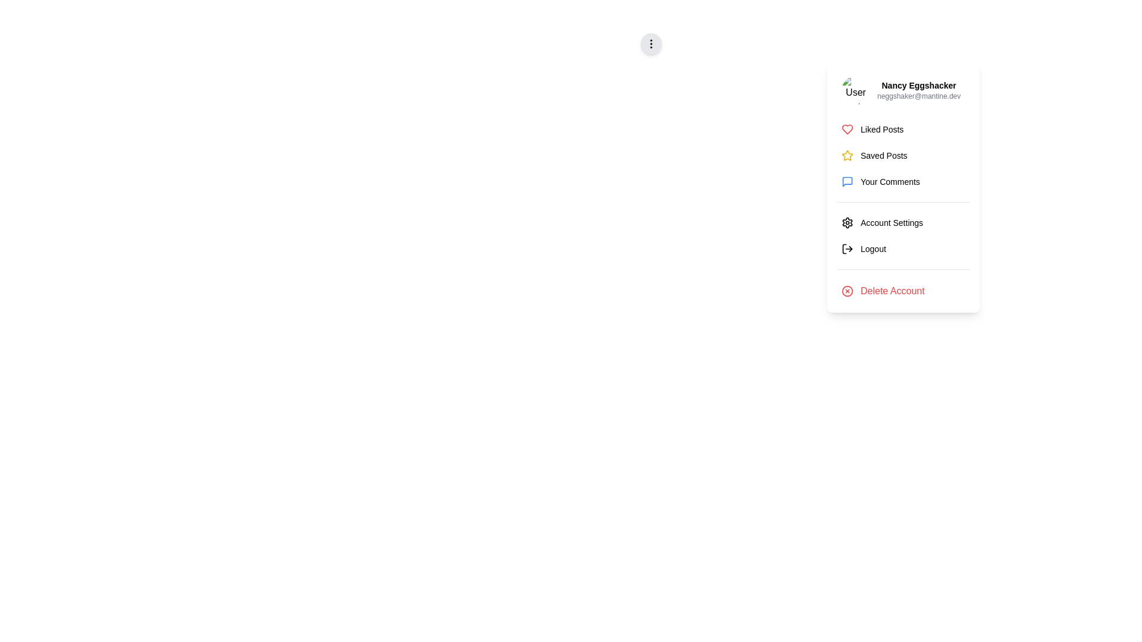  I want to click on the logout button located in the 'Account Settings' section of the vertical menu, so click(903, 248).